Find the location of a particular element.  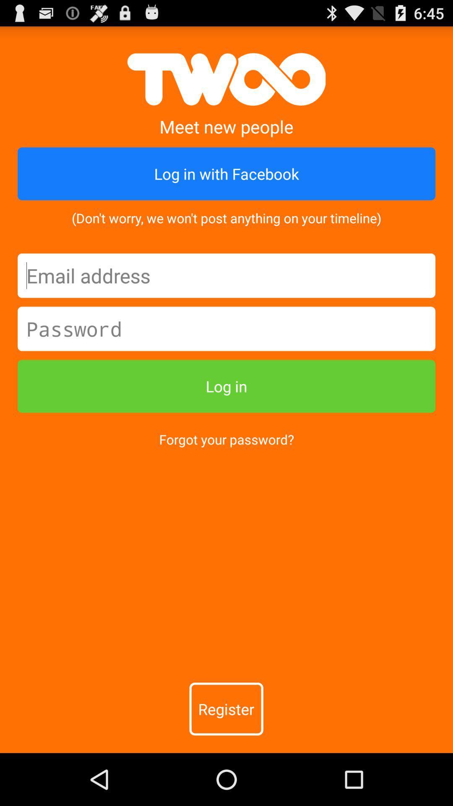

the item below don t worry is located at coordinates (226, 275).